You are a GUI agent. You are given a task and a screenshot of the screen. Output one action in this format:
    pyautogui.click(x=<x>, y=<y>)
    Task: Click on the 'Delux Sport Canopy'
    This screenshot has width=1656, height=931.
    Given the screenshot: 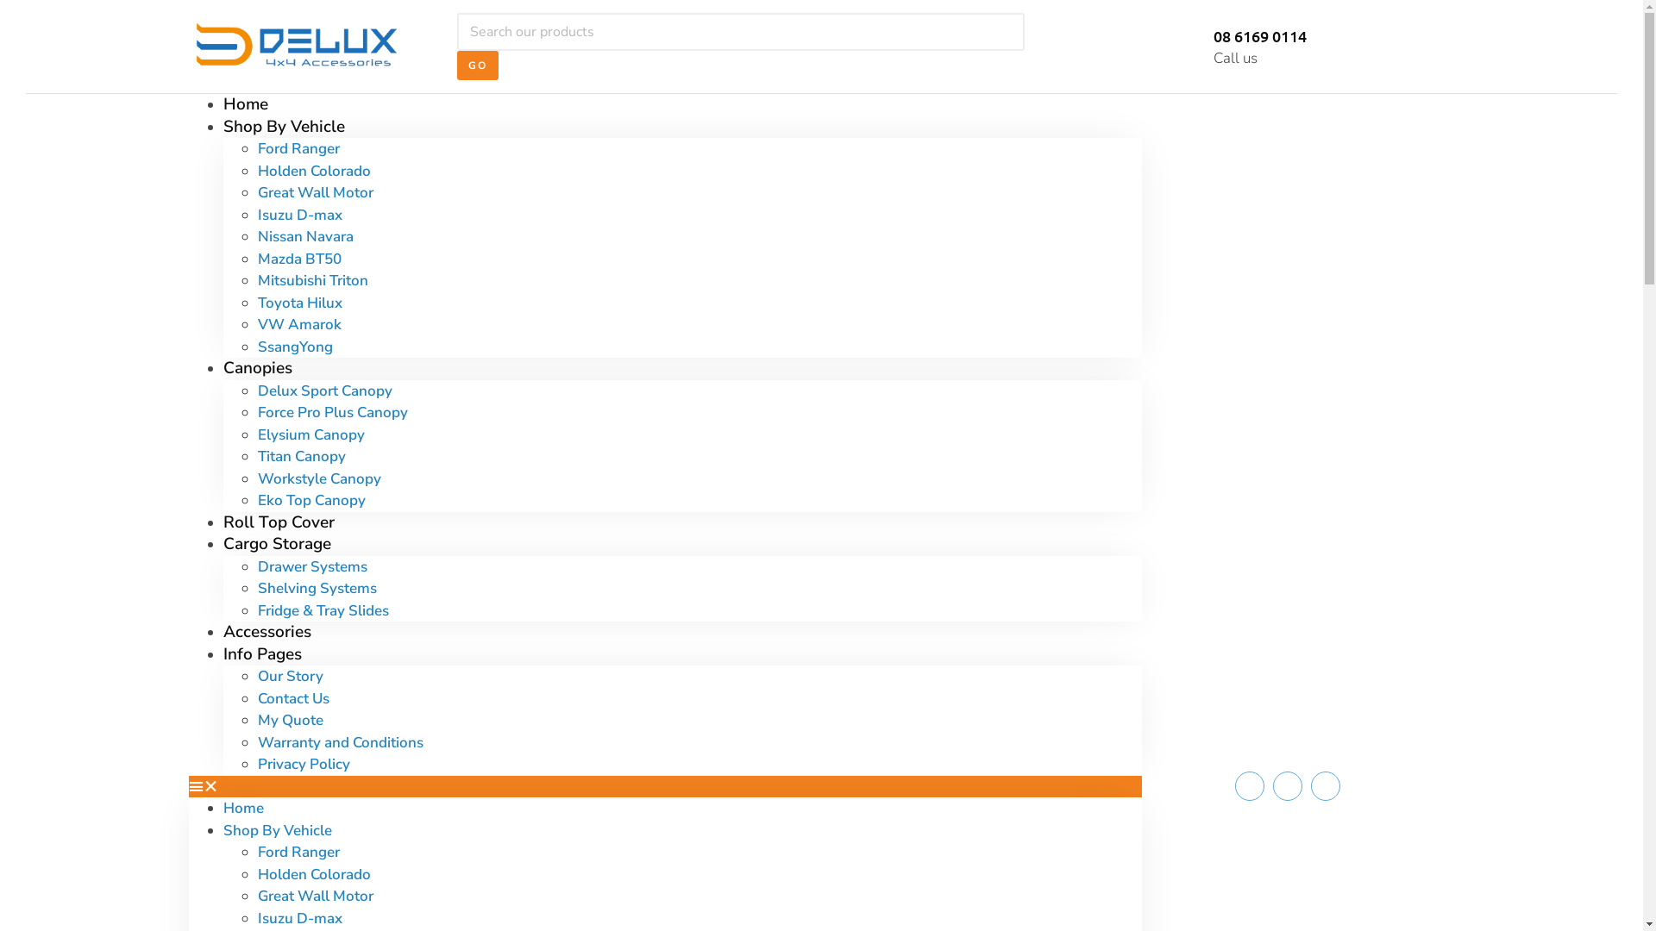 What is the action you would take?
    pyautogui.click(x=255, y=391)
    